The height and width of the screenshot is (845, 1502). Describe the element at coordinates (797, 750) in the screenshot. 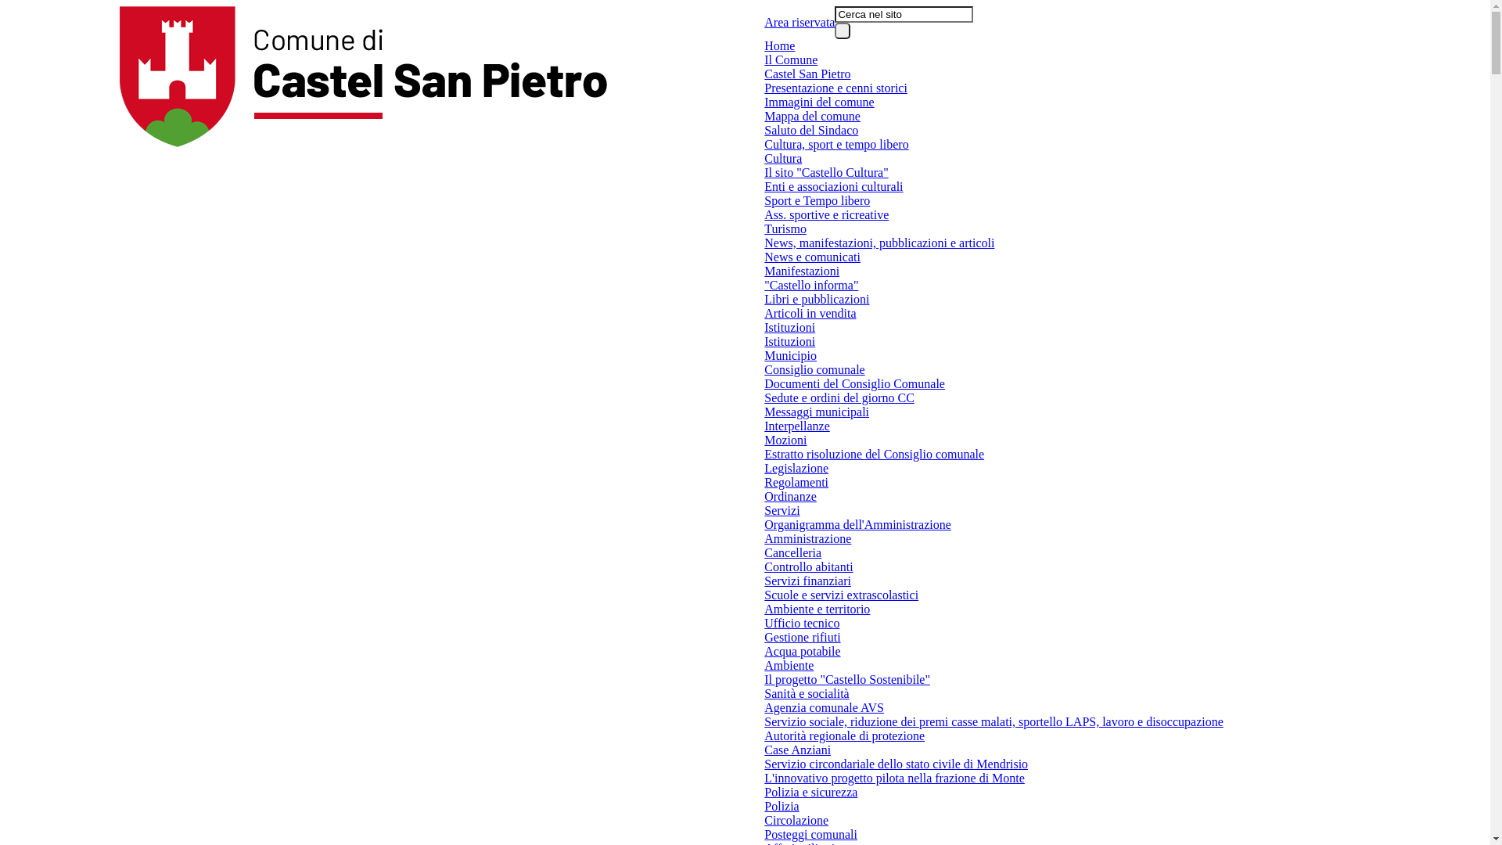

I see `'Case Anziani'` at that location.